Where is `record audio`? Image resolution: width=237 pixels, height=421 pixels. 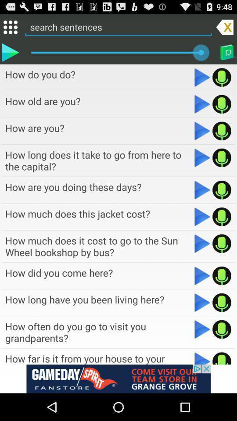 record audio is located at coordinates (221, 104).